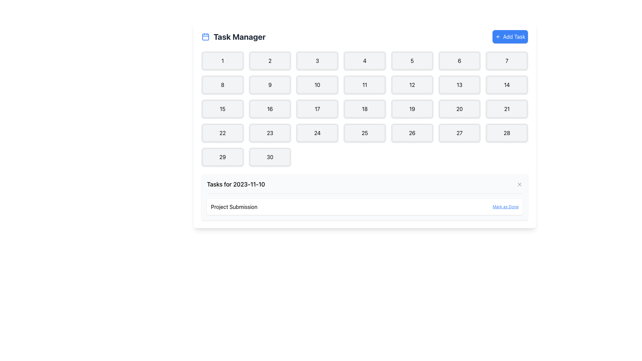 Image resolution: width=642 pixels, height=361 pixels. Describe the element at coordinates (364, 85) in the screenshot. I see `the interactive button representing the date '11' in the calendar interface` at that location.